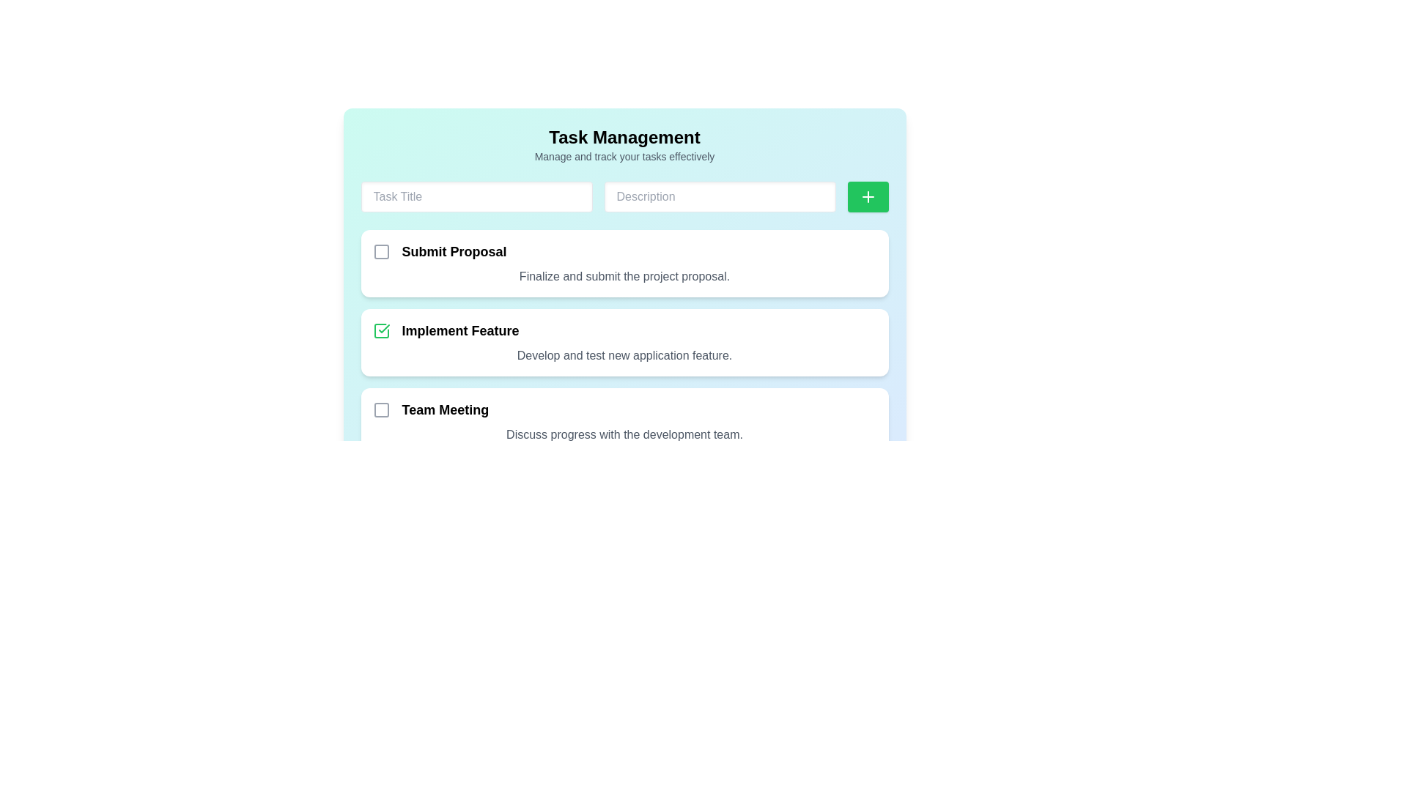 The height and width of the screenshot is (791, 1407). What do you see at coordinates (381, 330) in the screenshot?
I see `the checkbox-like interactive icon representing the task 'Implement Feature'` at bounding box center [381, 330].